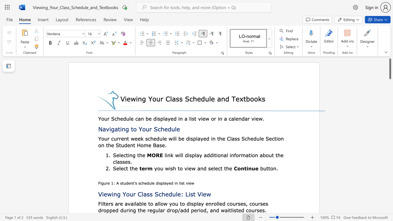 This screenshot has width=393, height=221. I want to click on the page's right scrollbar for downward movement, so click(390, 159).